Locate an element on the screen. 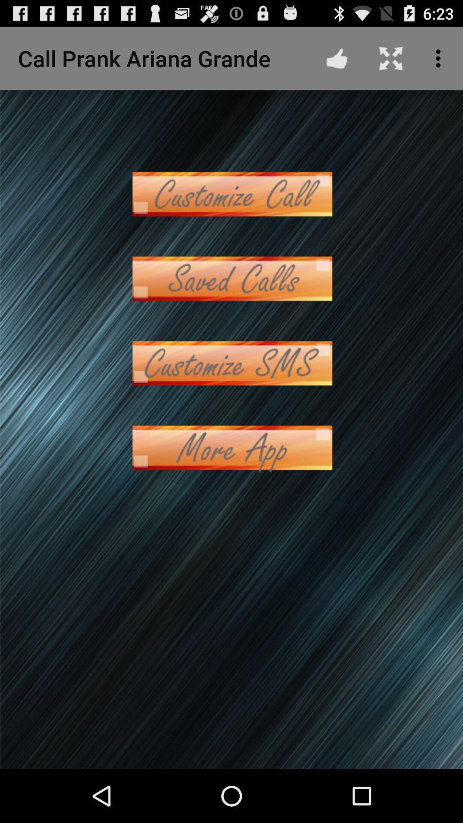 Image resolution: width=463 pixels, height=823 pixels. the item at the top is located at coordinates (231, 193).